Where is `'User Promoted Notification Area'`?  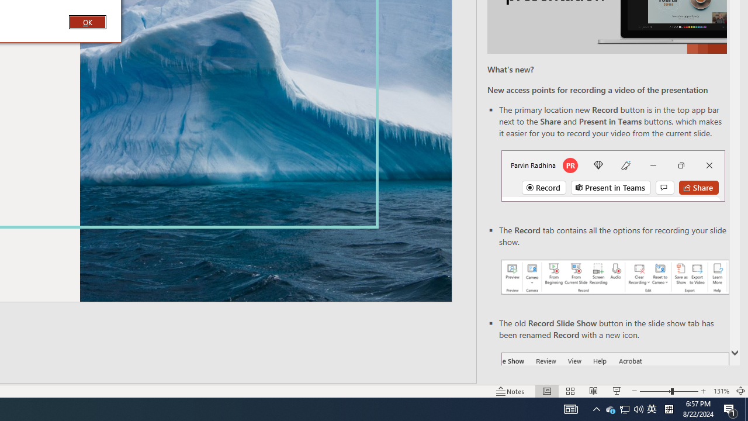 'User Promoted Notification Area' is located at coordinates (624, 408).